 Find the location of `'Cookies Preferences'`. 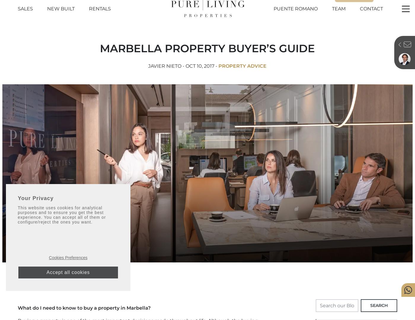

'Cookies Preferences' is located at coordinates (68, 257).